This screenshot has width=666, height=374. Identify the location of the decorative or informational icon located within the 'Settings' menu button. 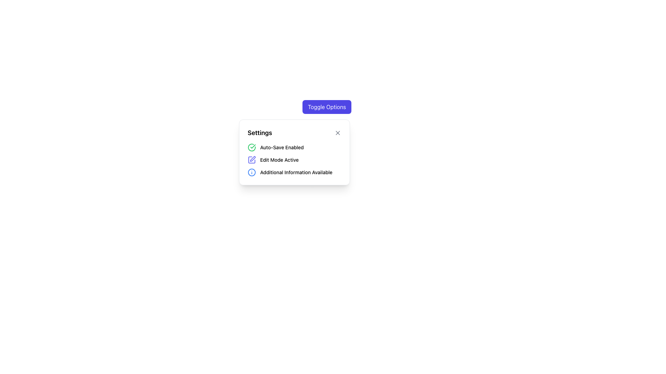
(251, 172).